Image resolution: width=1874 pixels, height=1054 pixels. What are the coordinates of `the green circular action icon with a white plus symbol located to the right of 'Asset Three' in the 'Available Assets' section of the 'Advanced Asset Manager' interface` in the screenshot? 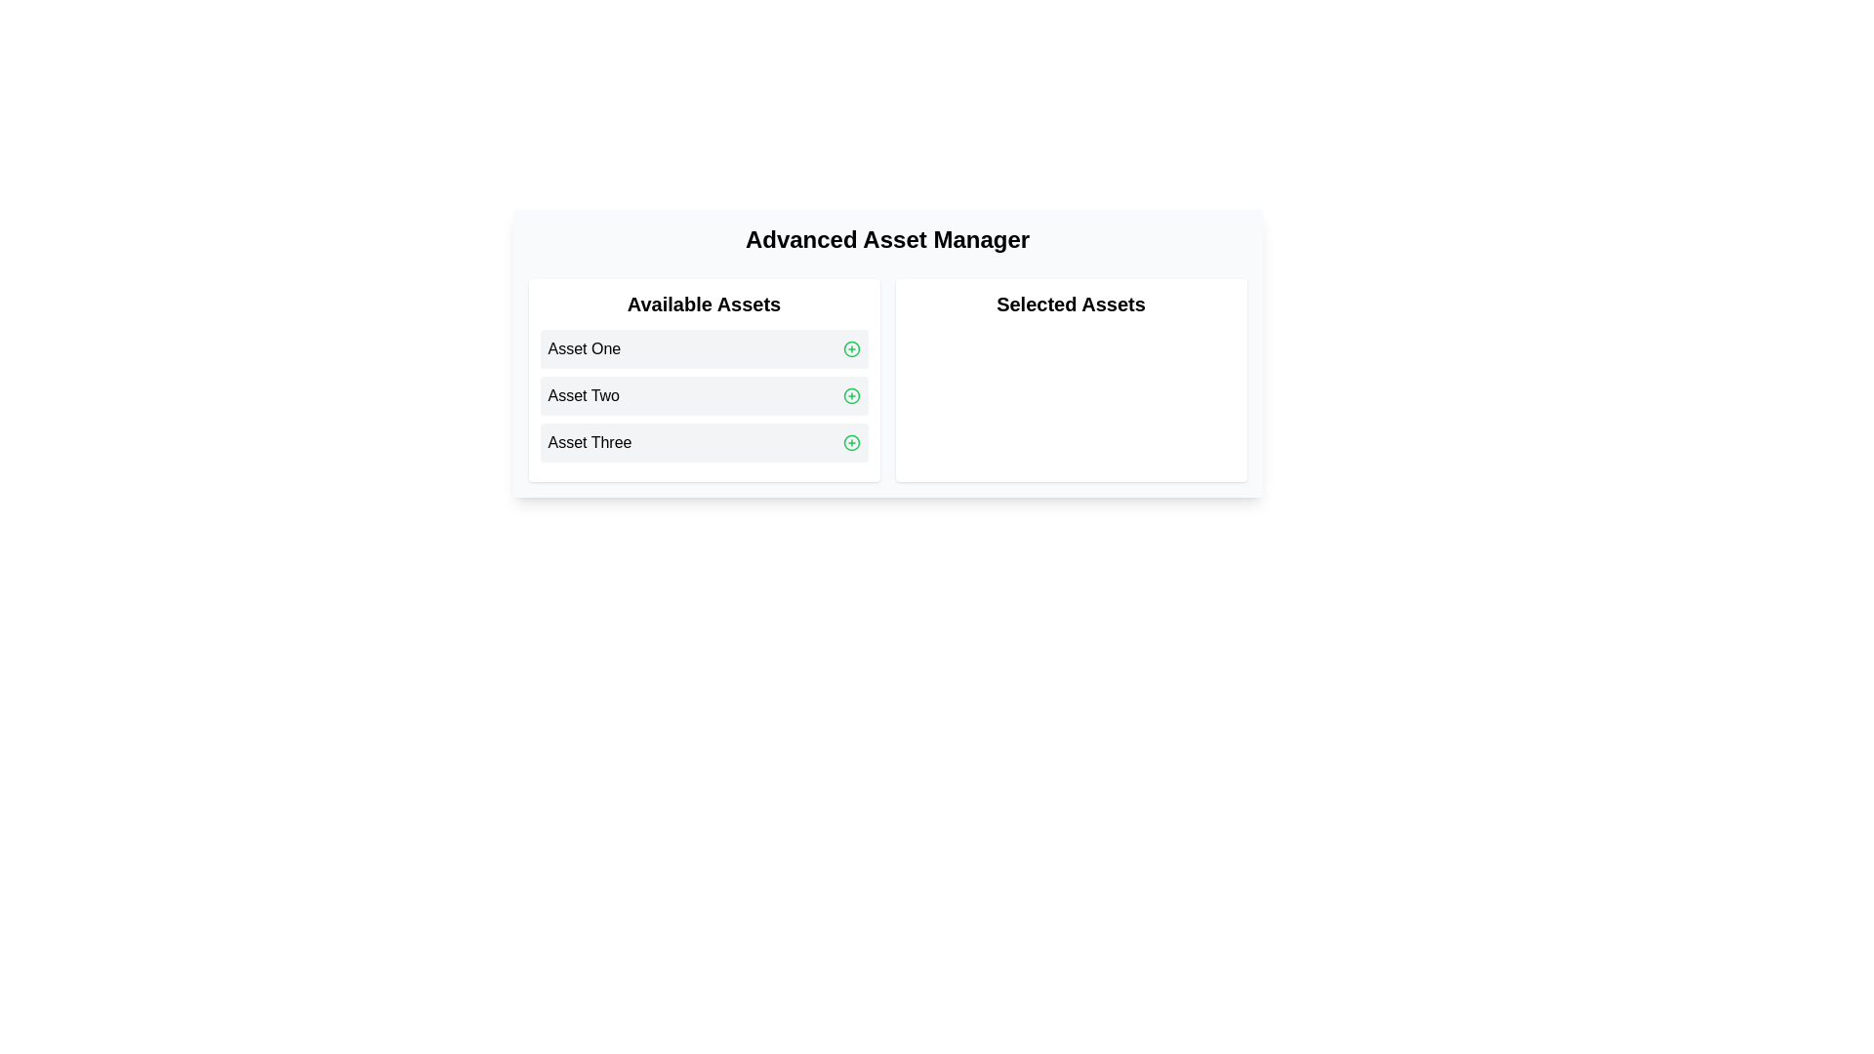 It's located at (851, 443).